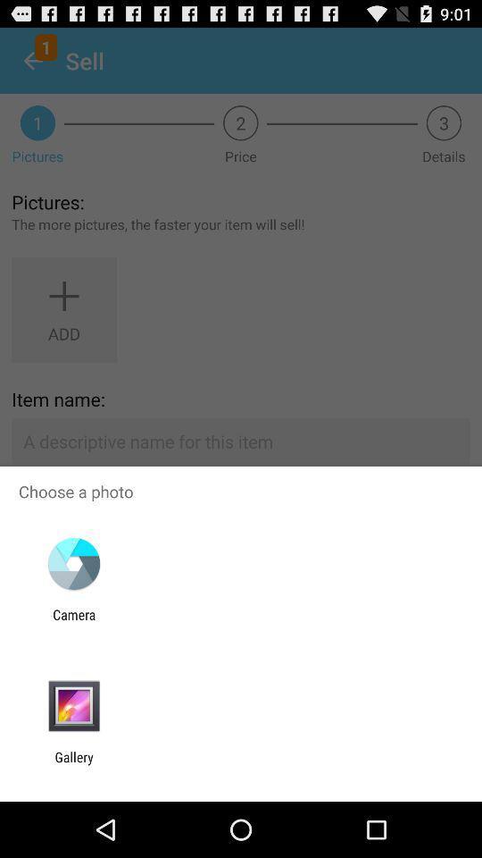 The image size is (482, 858). What do you see at coordinates (73, 764) in the screenshot?
I see `gallery app` at bounding box center [73, 764].